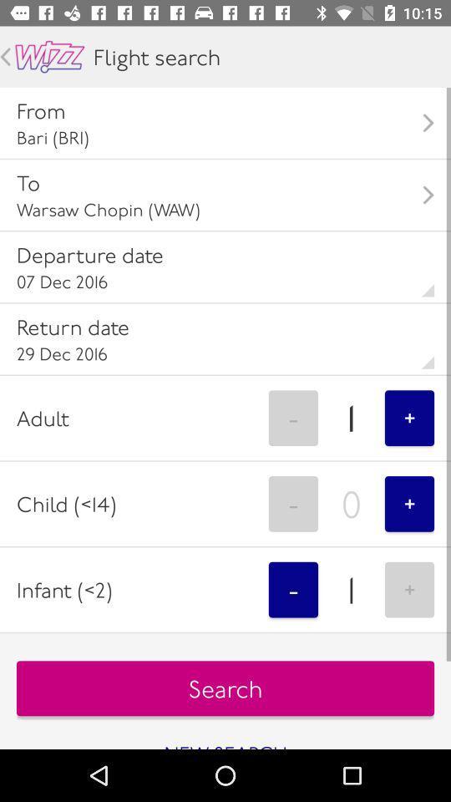 The width and height of the screenshot is (451, 802). I want to click on go back, so click(4, 57).